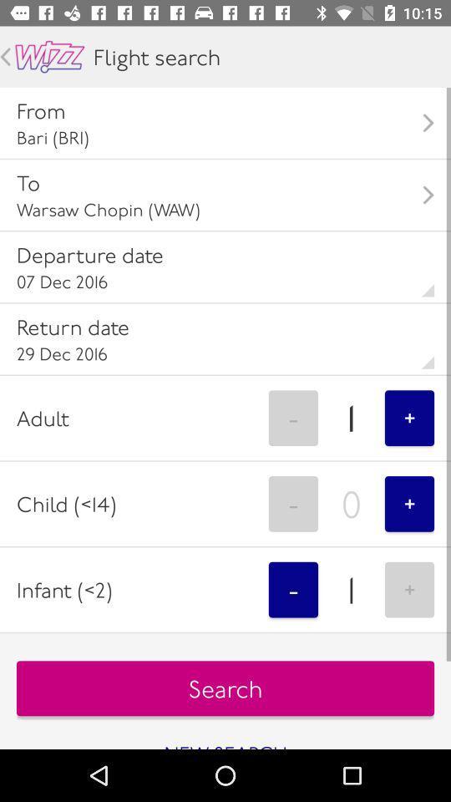 The width and height of the screenshot is (451, 802). I want to click on go back, so click(4, 57).